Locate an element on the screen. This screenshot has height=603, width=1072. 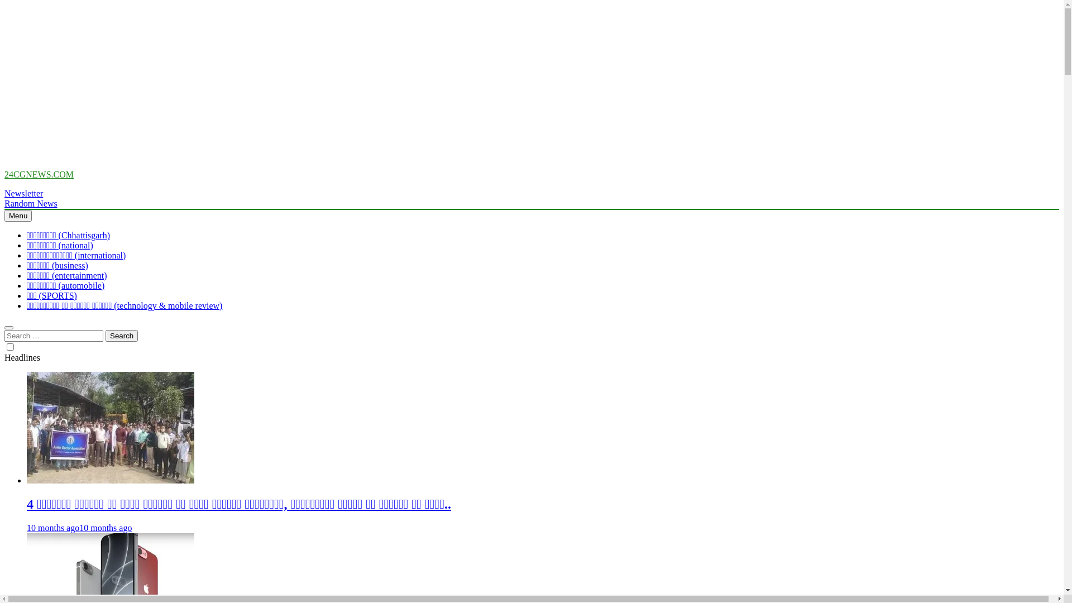
'10 months ago10 months ago' is located at coordinates (79, 528).